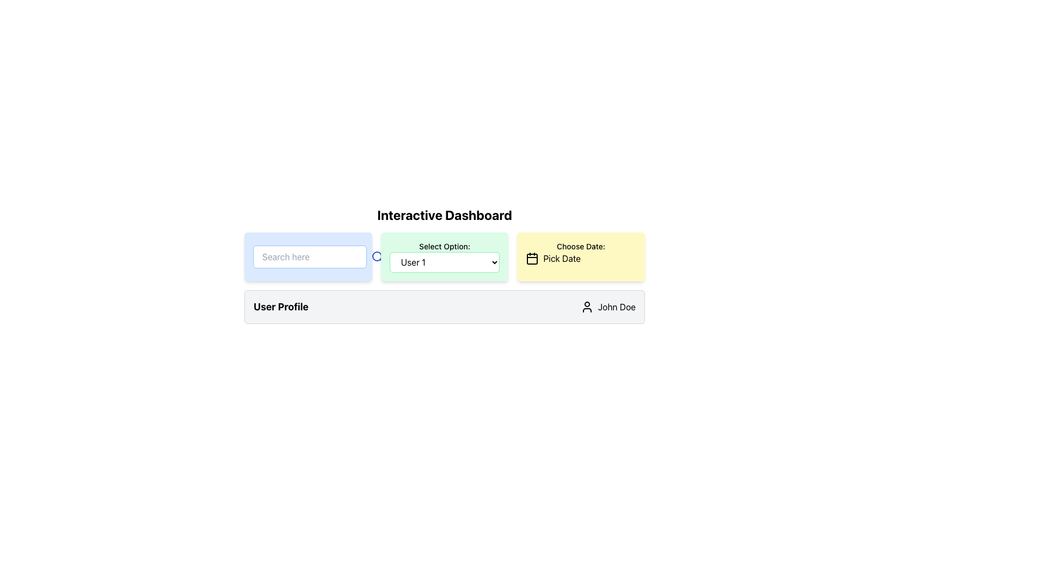 The height and width of the screenshot is (588, 1045). What do you see at coordinates (532, 258) in the screenshot?
I see `the calendar icon located to the left of the 'Pick Date' text in the 'Choose Date:' section` at bounding box center [532, 258].